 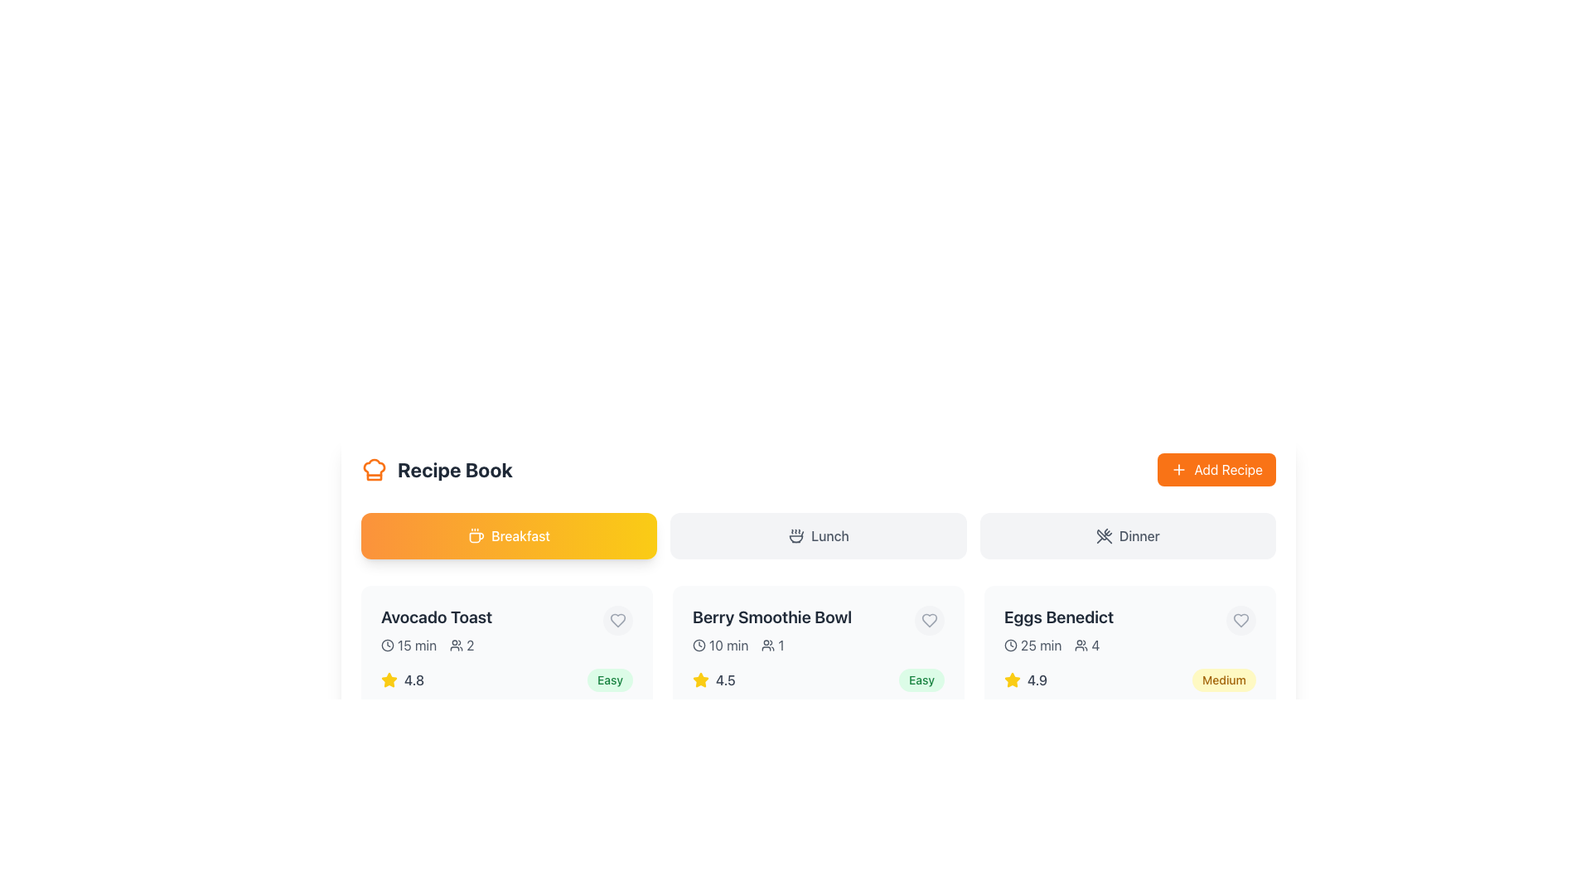 I want to click on the compact label displaying a clock icon followed by the text '25 min' in the details section of the third recipe card in the second row of the recipe list grid, so click(x=1032, y=645).